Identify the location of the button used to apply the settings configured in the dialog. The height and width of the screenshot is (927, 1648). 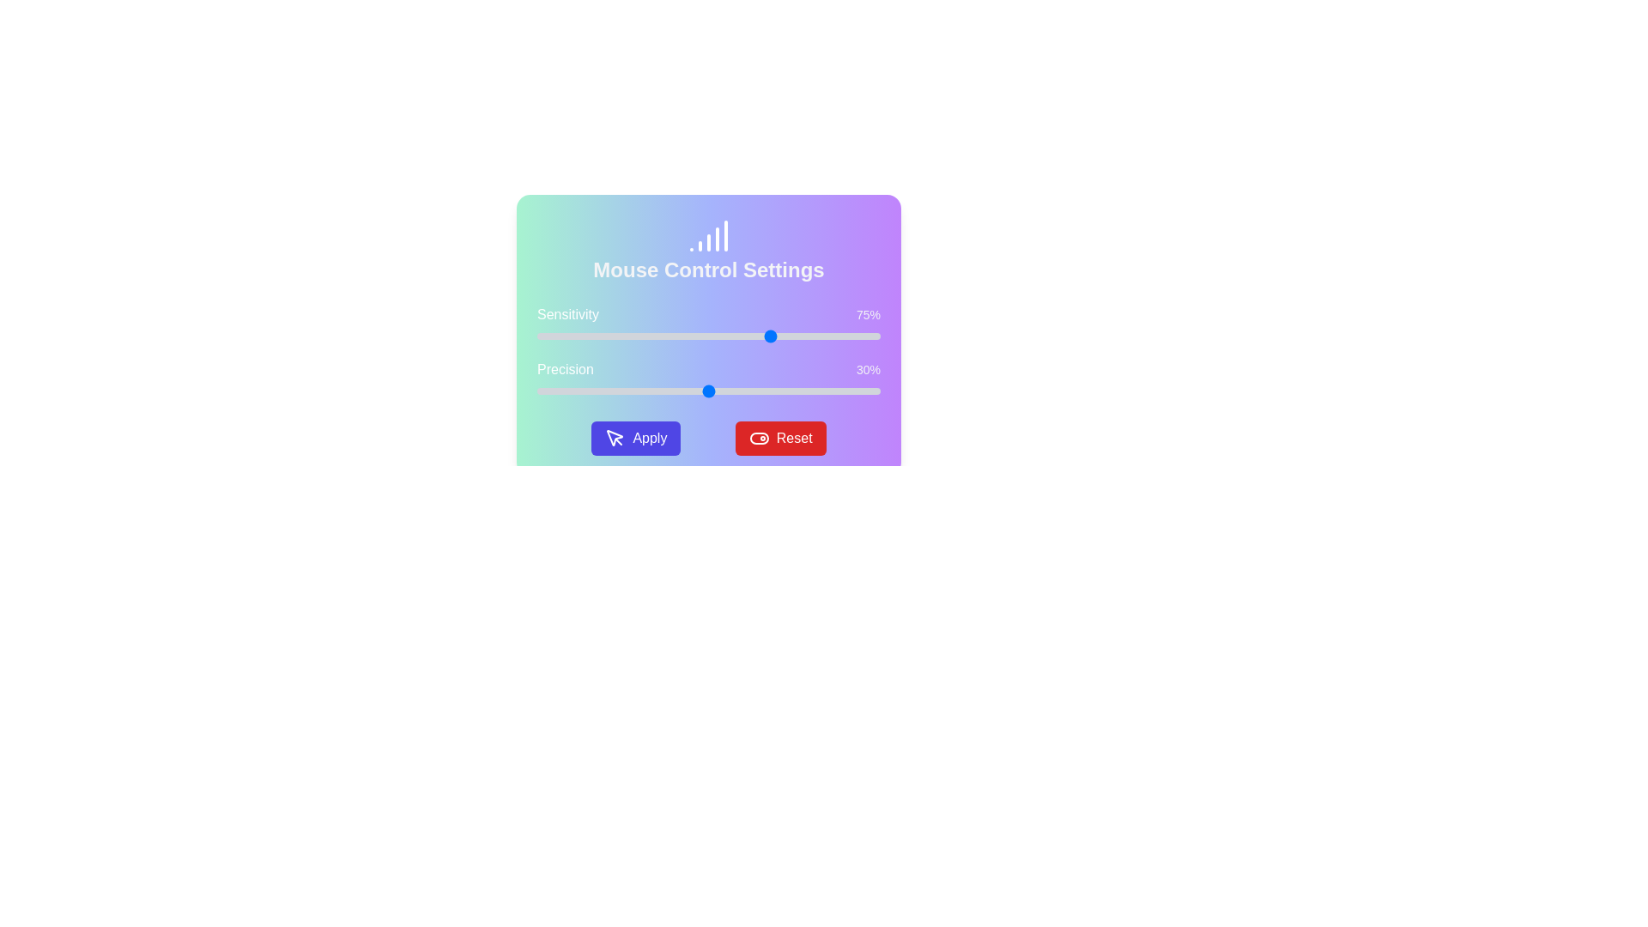
(635, 437).